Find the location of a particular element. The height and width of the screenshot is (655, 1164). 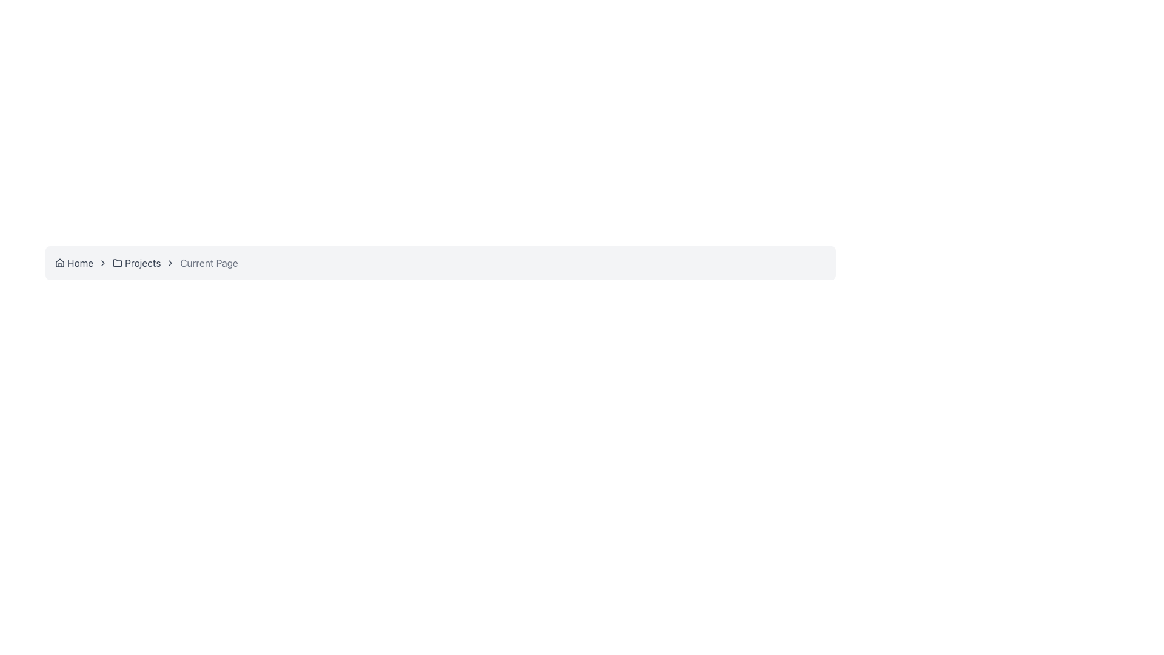

the 'Home' icon in the breadcrumb navigation bar, which serves as a link to the main page is located at coordinates (59, 263).